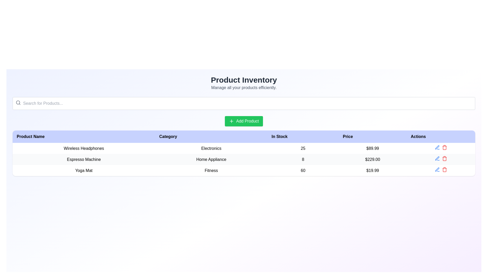 Image resolution: width=494 pixels, height=278 pixels. I want to click on text content of the 'Electronics' label, which is displayed in bold format within the row for 'Wireless Headphones' in the second column, so click(211, 148).